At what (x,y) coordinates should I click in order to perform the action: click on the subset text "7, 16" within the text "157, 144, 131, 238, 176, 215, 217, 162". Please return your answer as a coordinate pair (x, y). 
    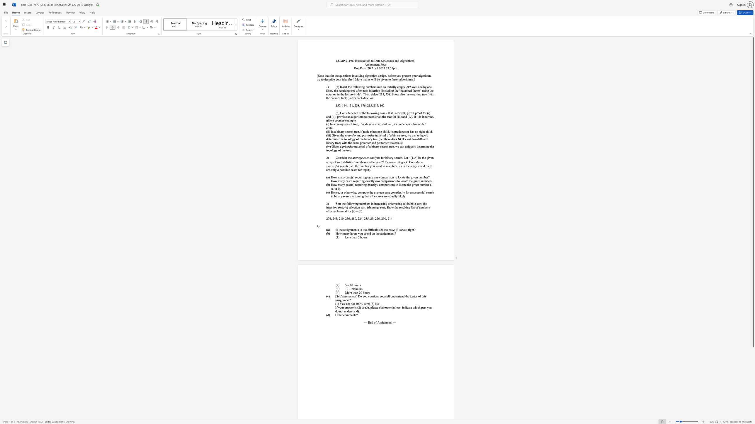
    Looking at the image, I should click on (376, 105).